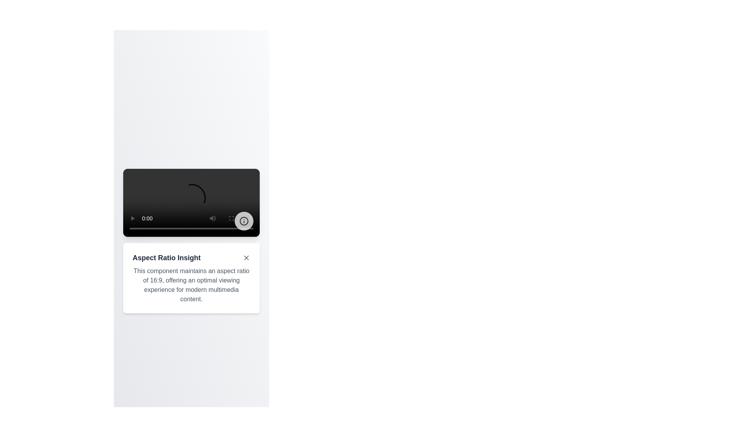 The width and height of the screenshot is (751, 422). What do you see at coordinates (246, 257) in the screenshot?
I see `the Close button located in the top-right corner of the description card to receive visual feedback` at bounding box center [246, 257].